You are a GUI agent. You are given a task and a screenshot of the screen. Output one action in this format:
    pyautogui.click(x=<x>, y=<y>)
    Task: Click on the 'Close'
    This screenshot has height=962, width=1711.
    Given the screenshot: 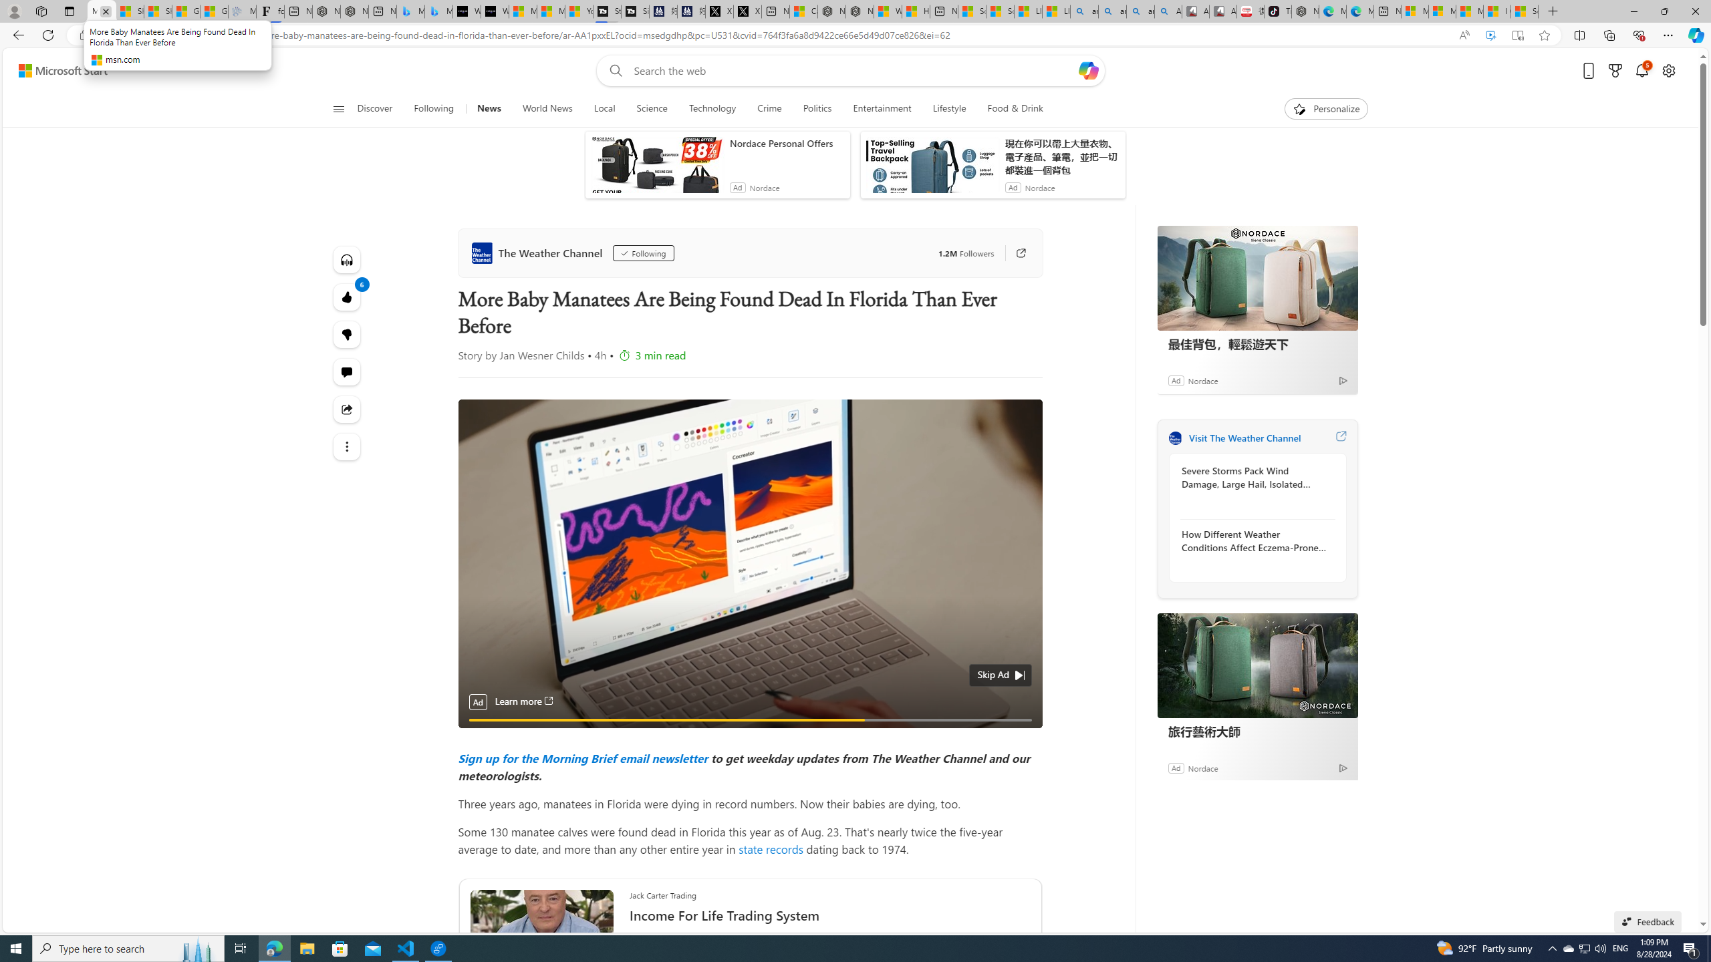 What is the action you would take?
    pyautogui.click(x=1694, y=11)
    